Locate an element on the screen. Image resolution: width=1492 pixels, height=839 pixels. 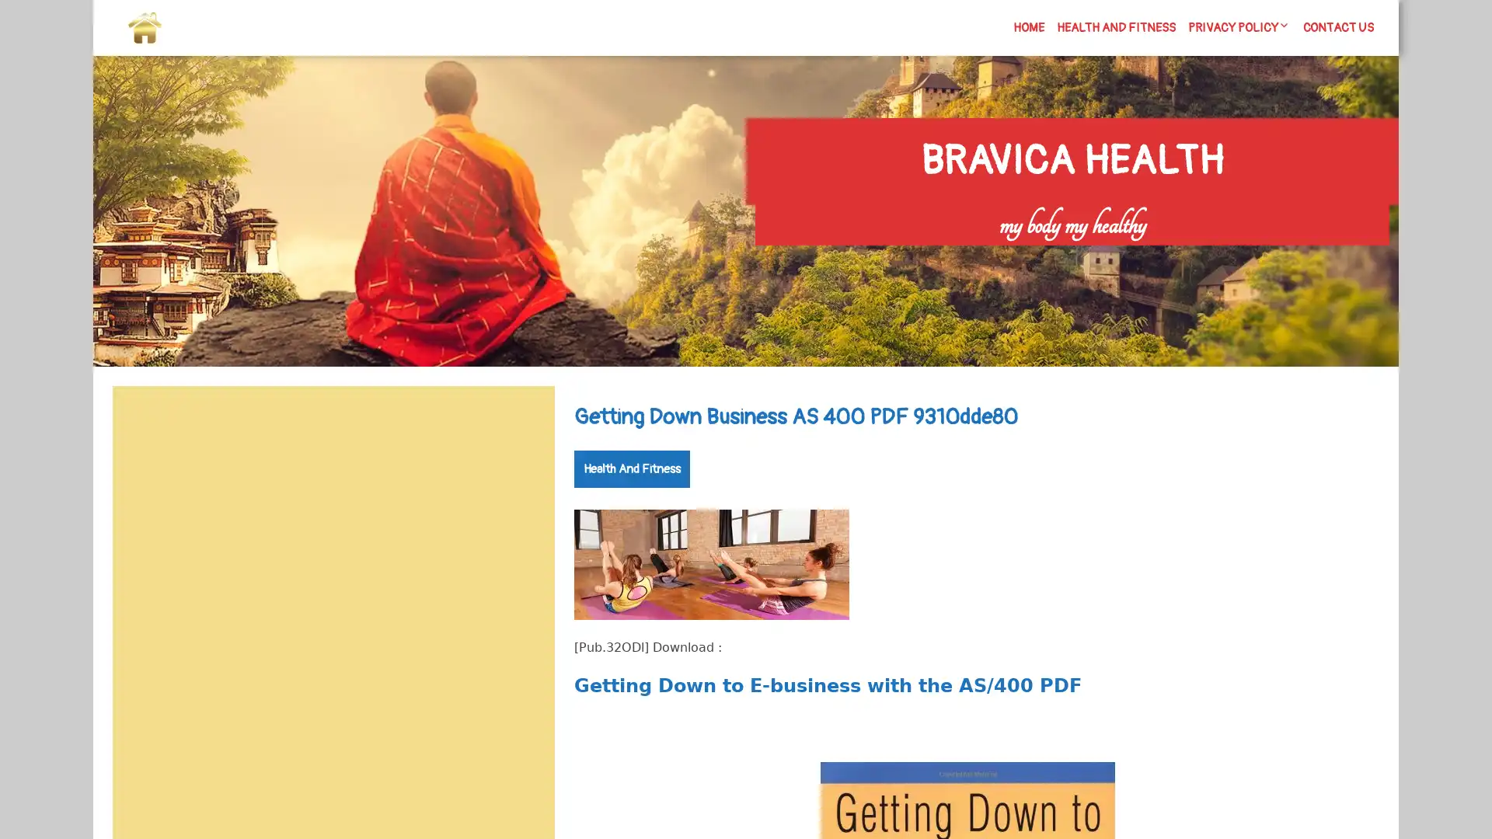
Search is located at coordinates (518, 423).